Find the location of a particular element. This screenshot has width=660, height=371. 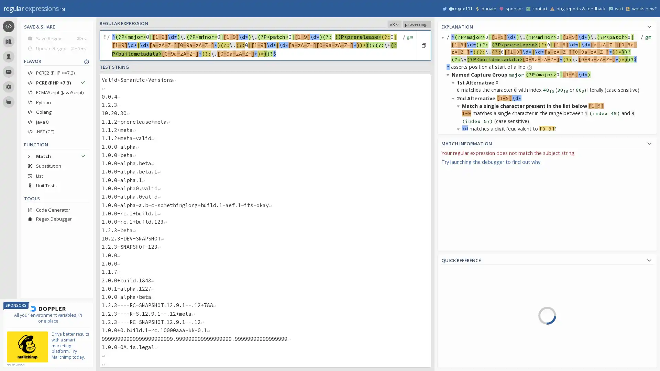

List is located at coordinates (56, 175).